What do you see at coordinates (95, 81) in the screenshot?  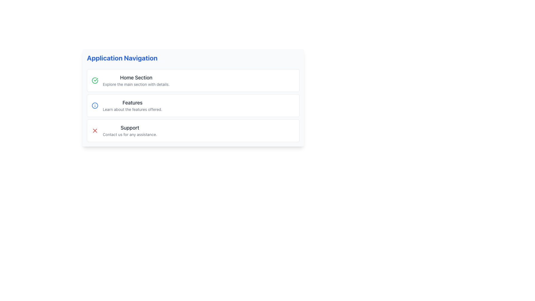 I see `the visual indicator icon marking the 'Home Section'` at bounding box center [95, 81].